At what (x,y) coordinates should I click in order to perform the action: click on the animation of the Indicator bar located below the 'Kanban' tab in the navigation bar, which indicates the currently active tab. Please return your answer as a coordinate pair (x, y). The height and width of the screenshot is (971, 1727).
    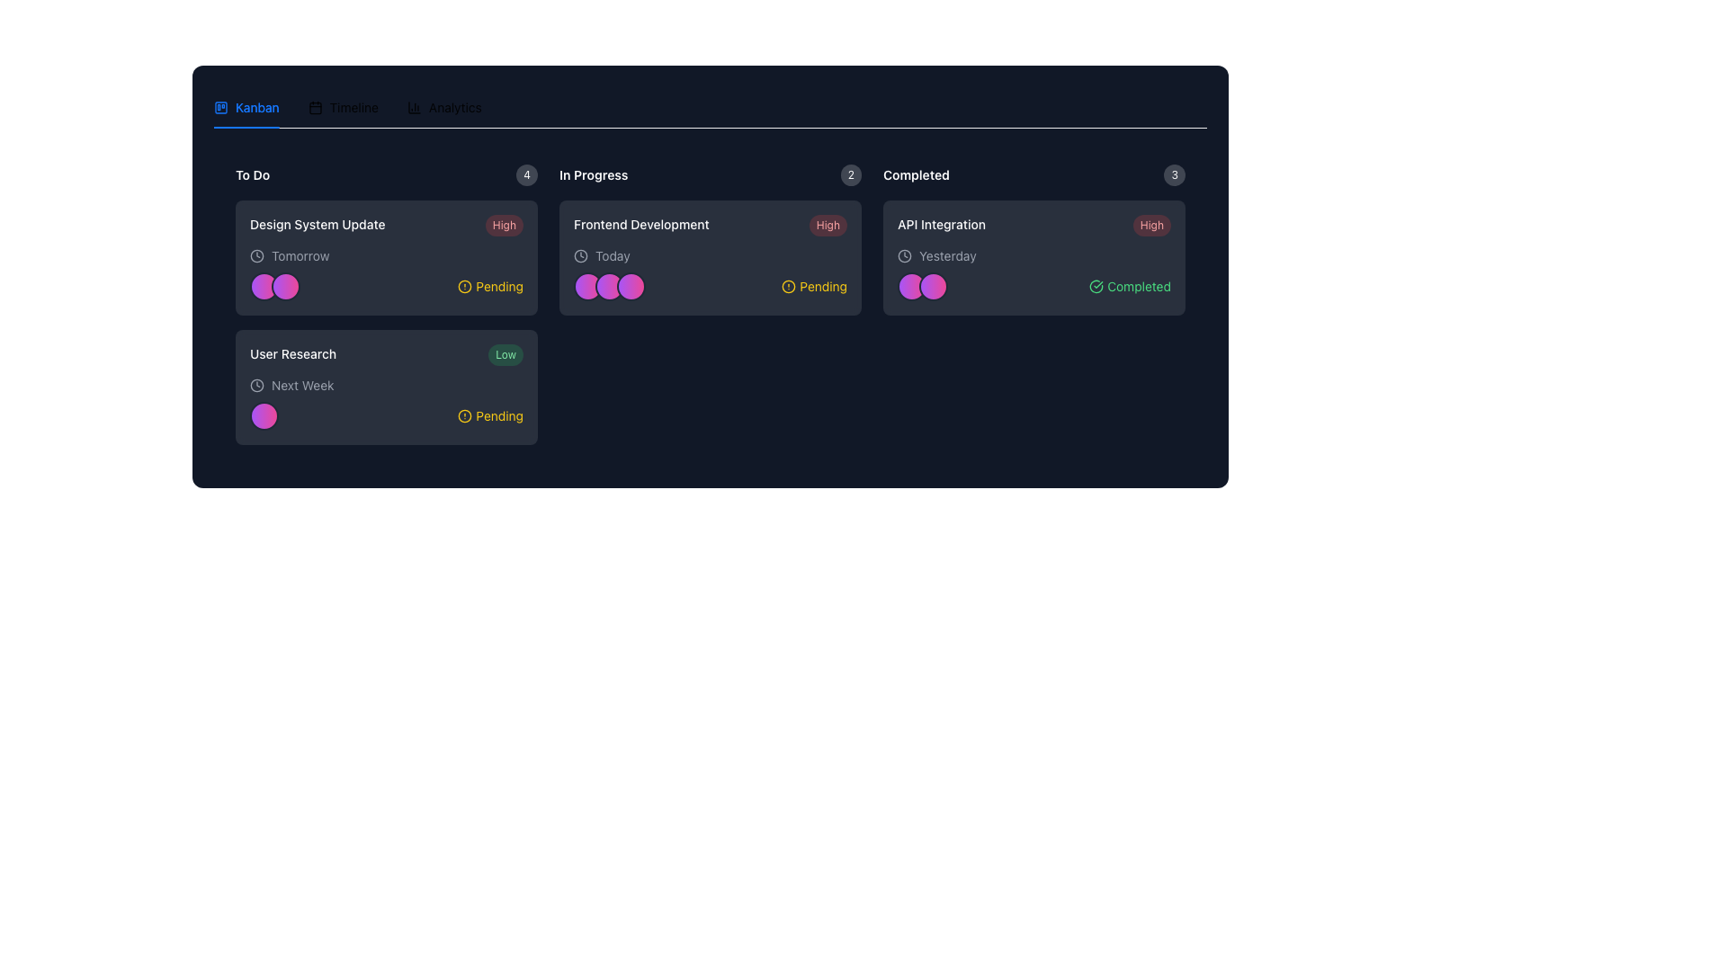
    Looking at the image, I should click on (246, 127).